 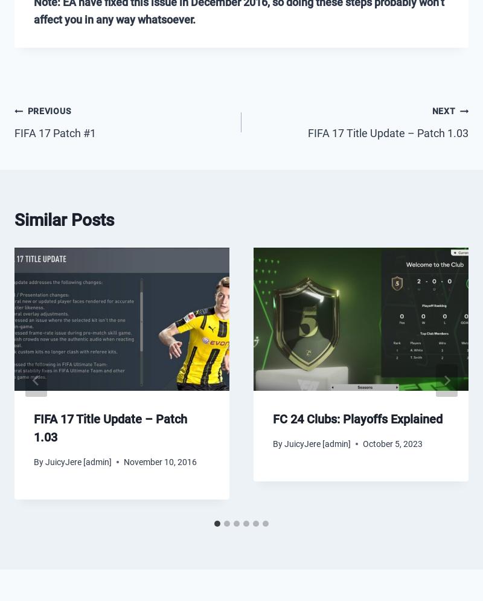 I want to click on 'November 10, 2016', so click(x=159, y=461).